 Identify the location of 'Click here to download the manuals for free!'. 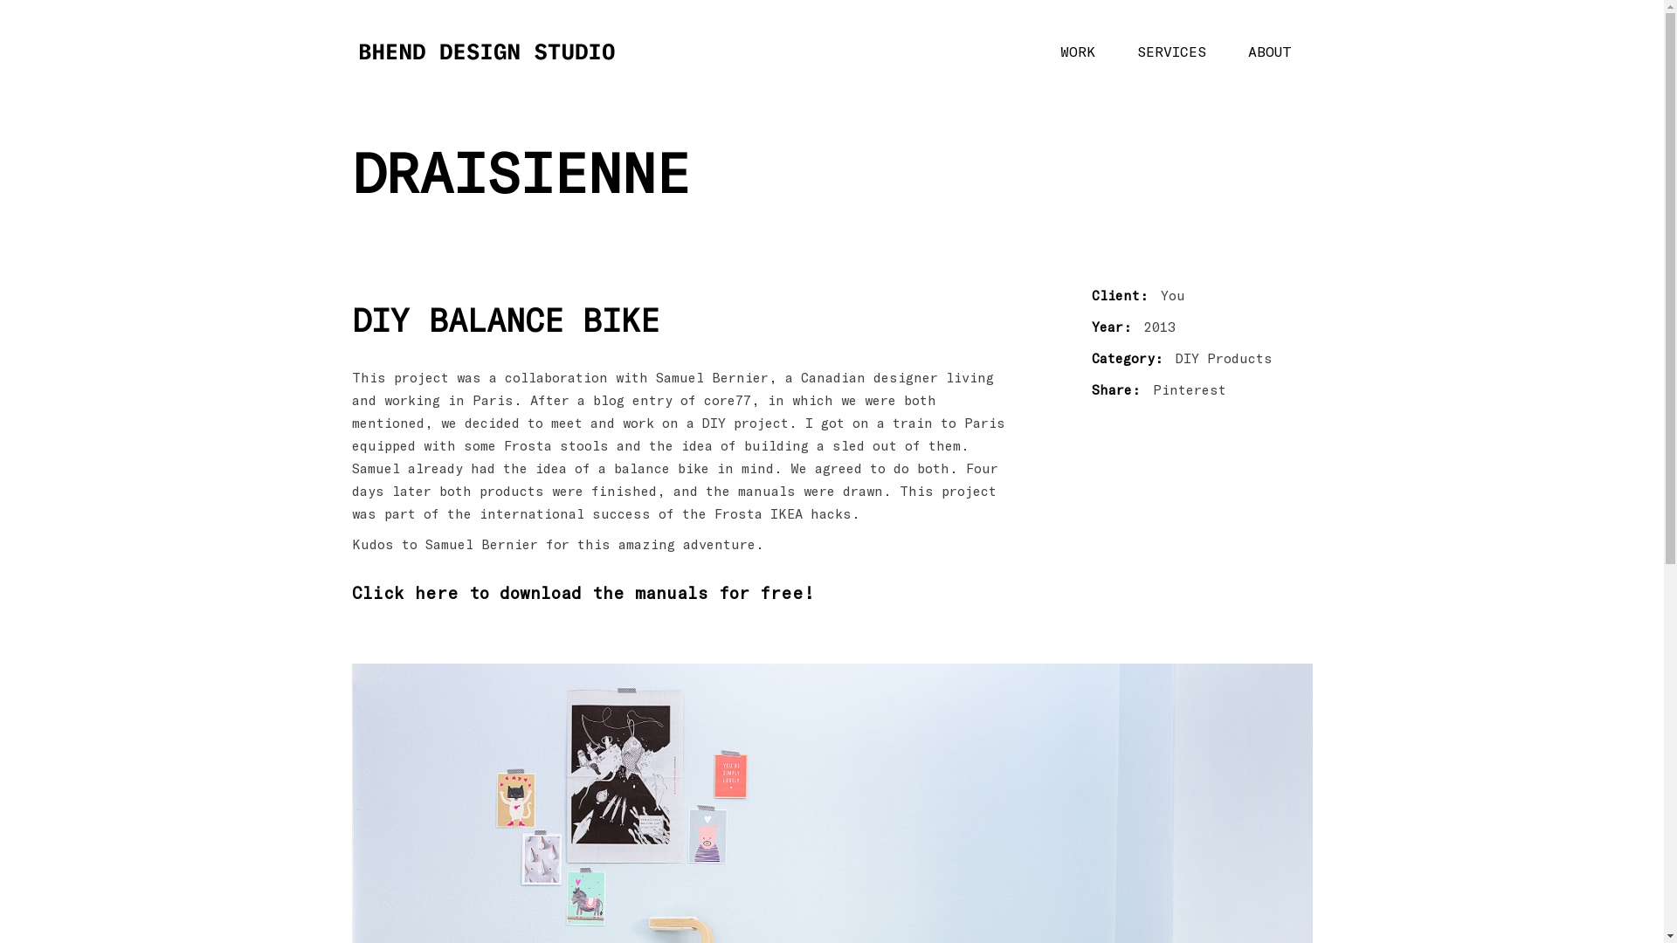
(582, 591).